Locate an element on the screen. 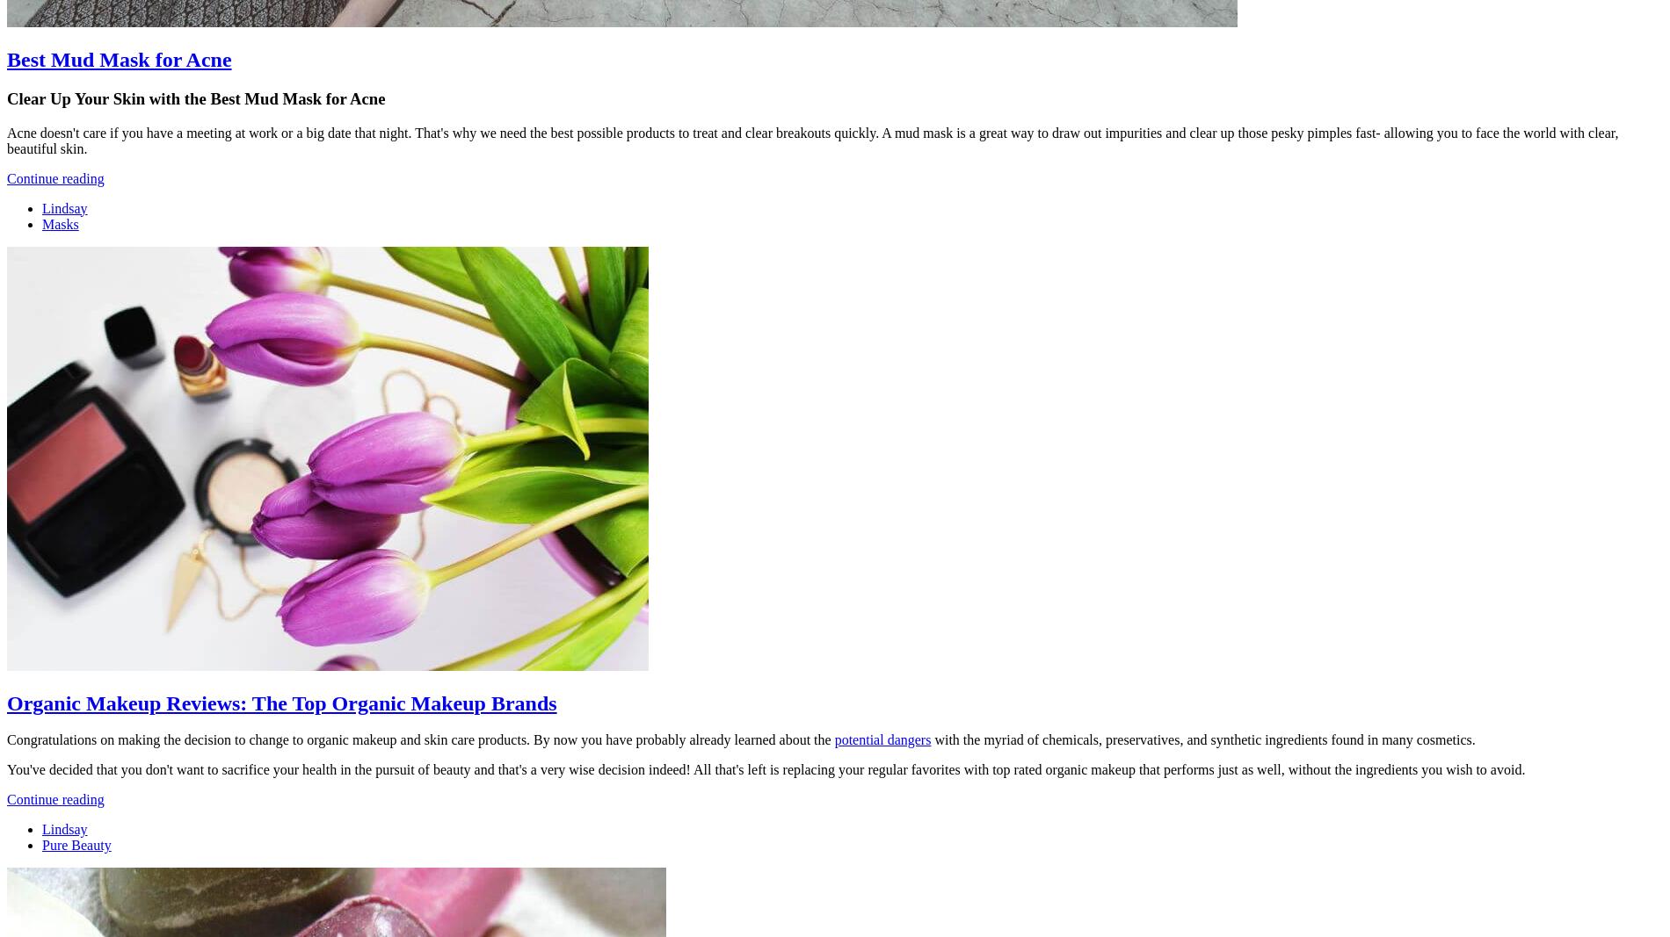 This screenshot has width=1670, height=937. 'Clear Up Your Skin with the Best Mud Mask for Acne' is located at coordinates (6, 97).